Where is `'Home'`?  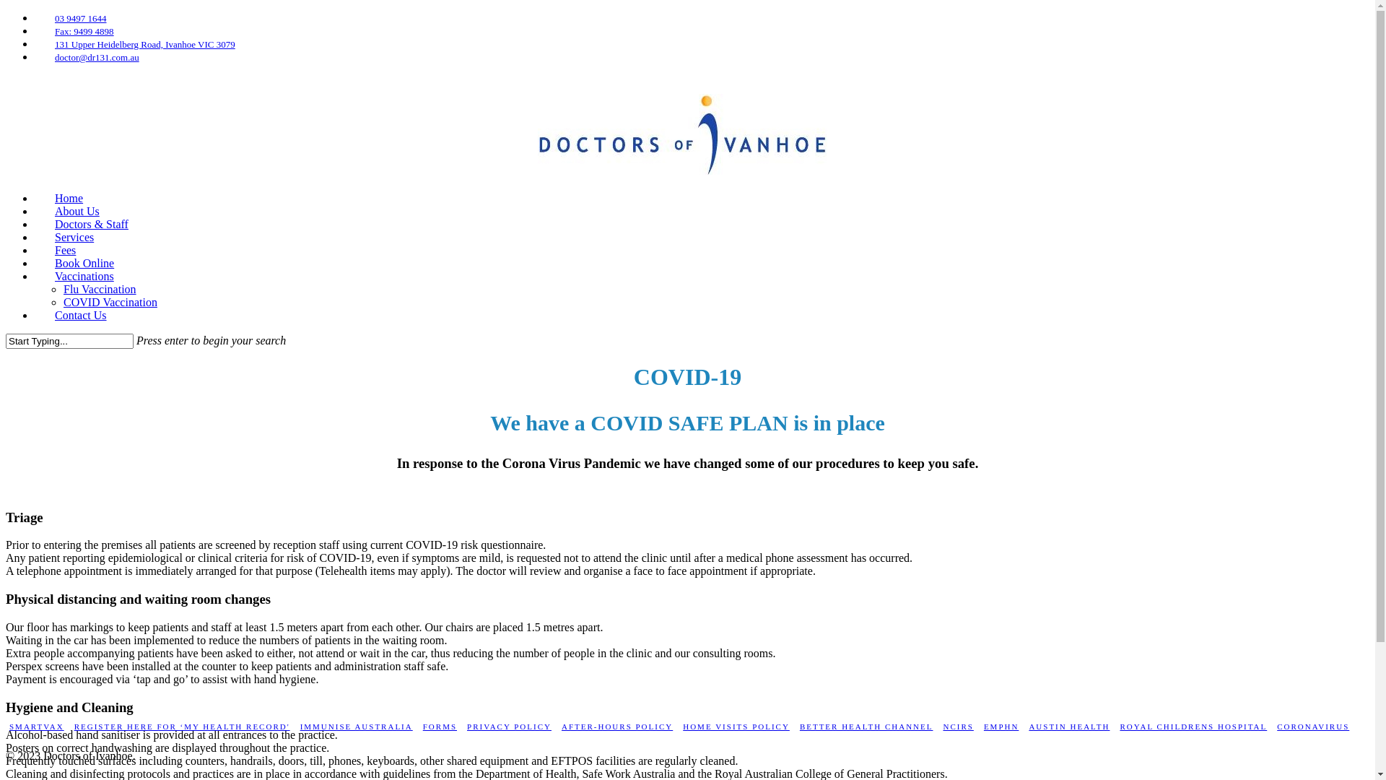
'Home' is located at coordinates (68, 198).